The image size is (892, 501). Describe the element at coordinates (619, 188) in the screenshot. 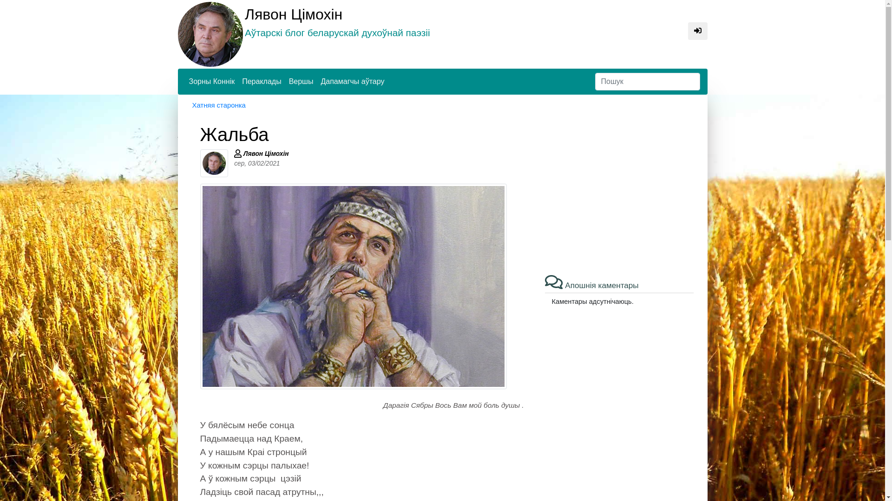

I see `'Advertisement'` at that location.